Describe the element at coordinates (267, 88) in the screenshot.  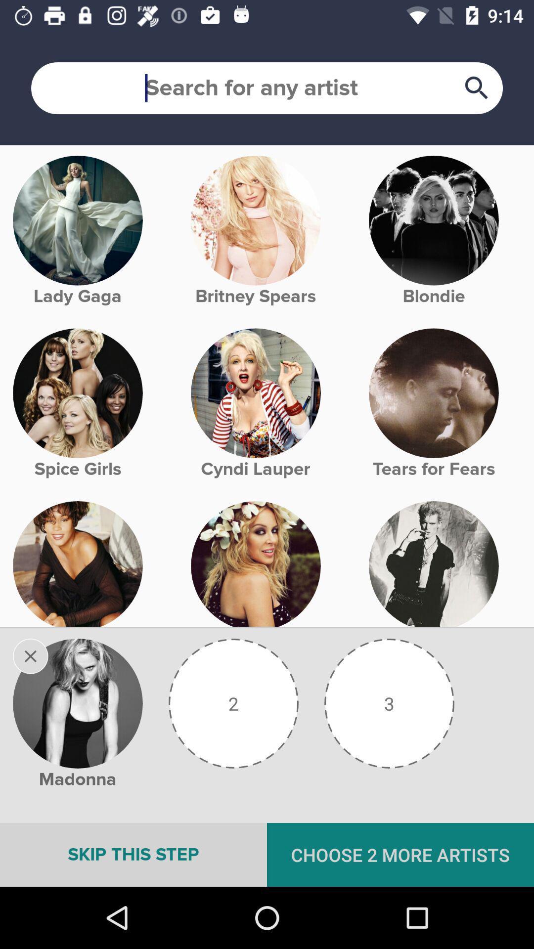
I see `search for any artist` at that location.